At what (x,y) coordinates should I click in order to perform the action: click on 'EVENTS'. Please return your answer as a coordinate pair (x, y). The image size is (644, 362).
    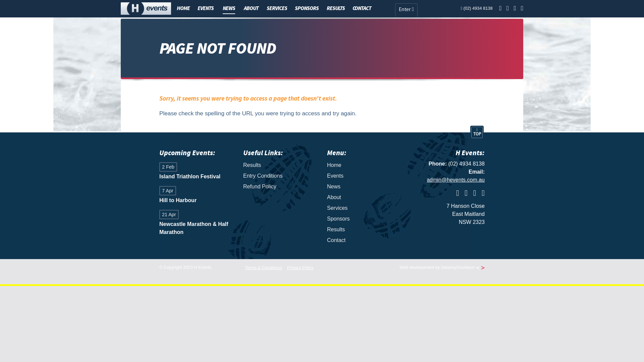
    Looking at the image, I should click on (195, 8).